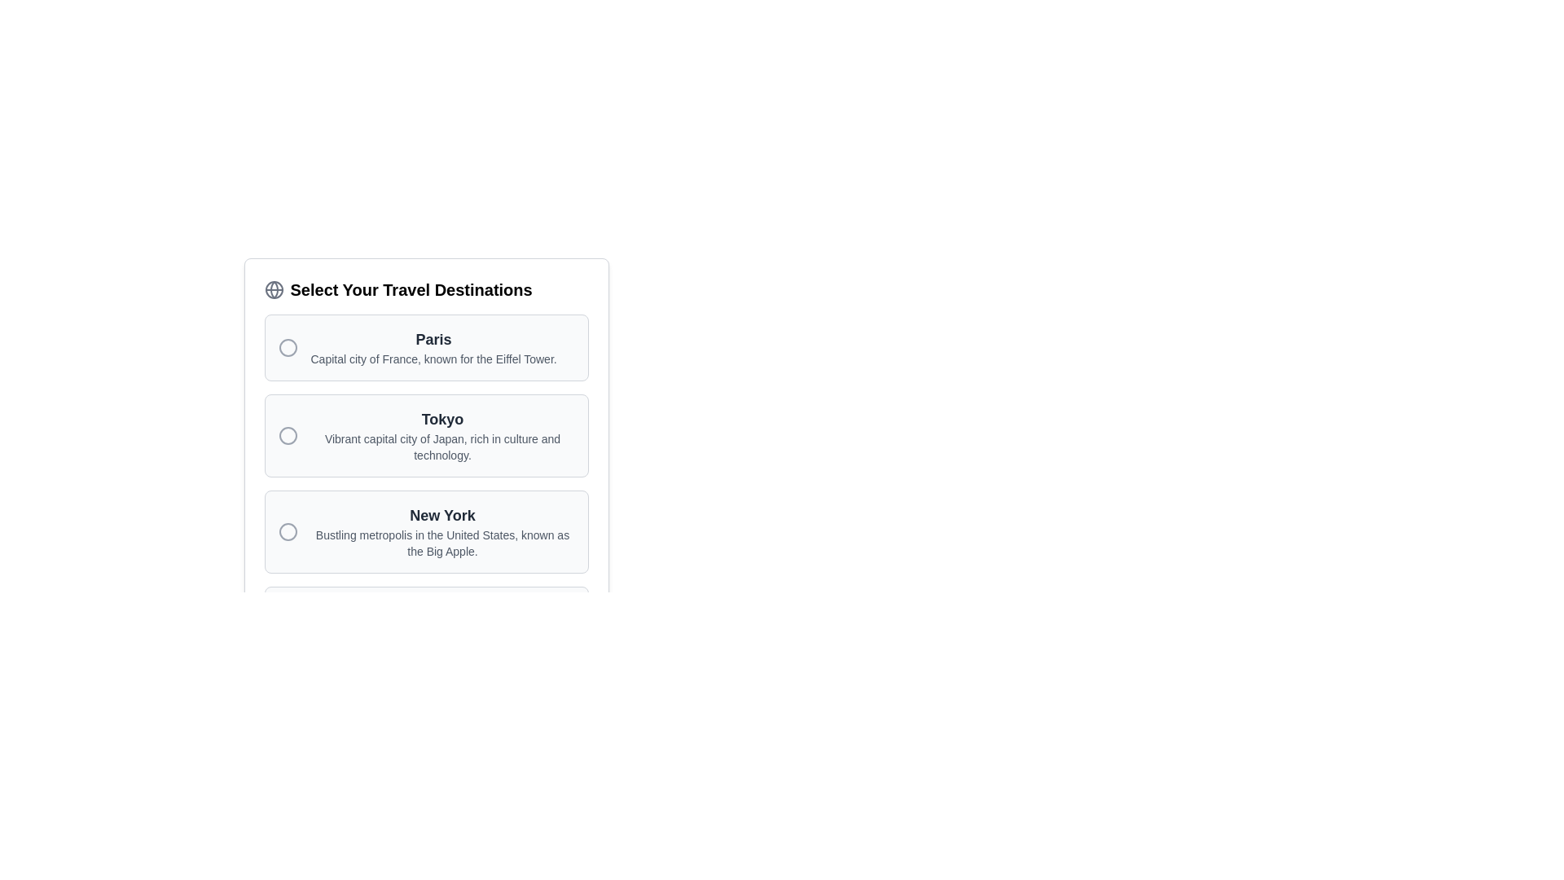  Describe the element at coordinates (426, 435) in the screenshot. I see `the 'Tokyo' radio button in the travel destinations list by clicking on it` at that location.